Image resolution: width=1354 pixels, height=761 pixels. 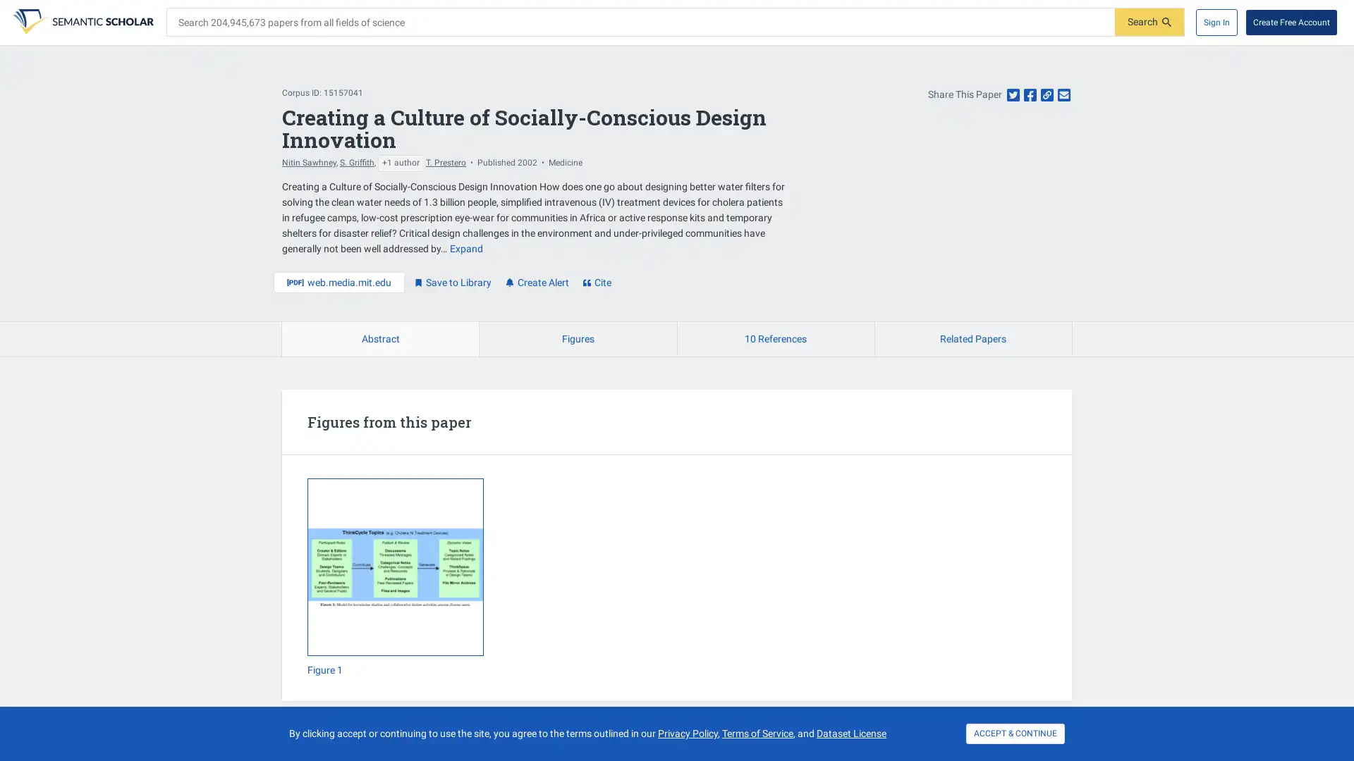 What do you see at coordinates (453, 283) in the screenshot?
I see `Save to Library` at bounding box center [453, 283].